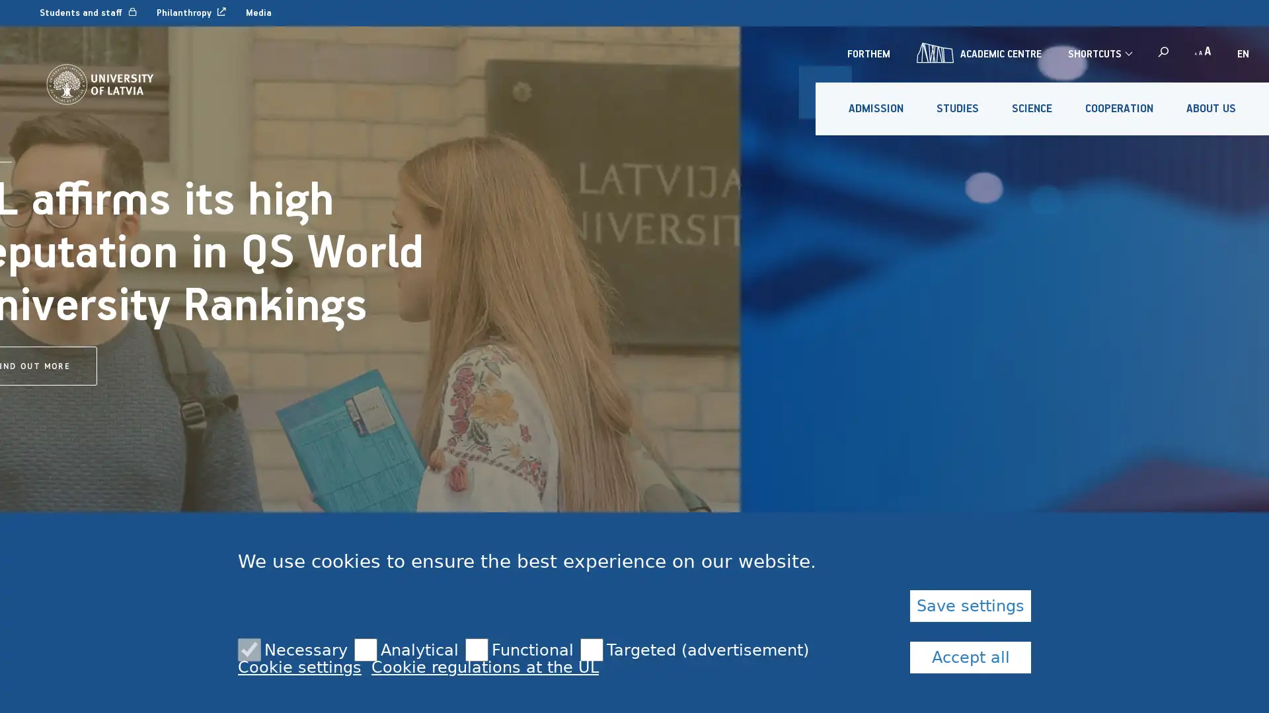 The image size is (1269, 713). I want to click on Save settings, so click(970, 606).